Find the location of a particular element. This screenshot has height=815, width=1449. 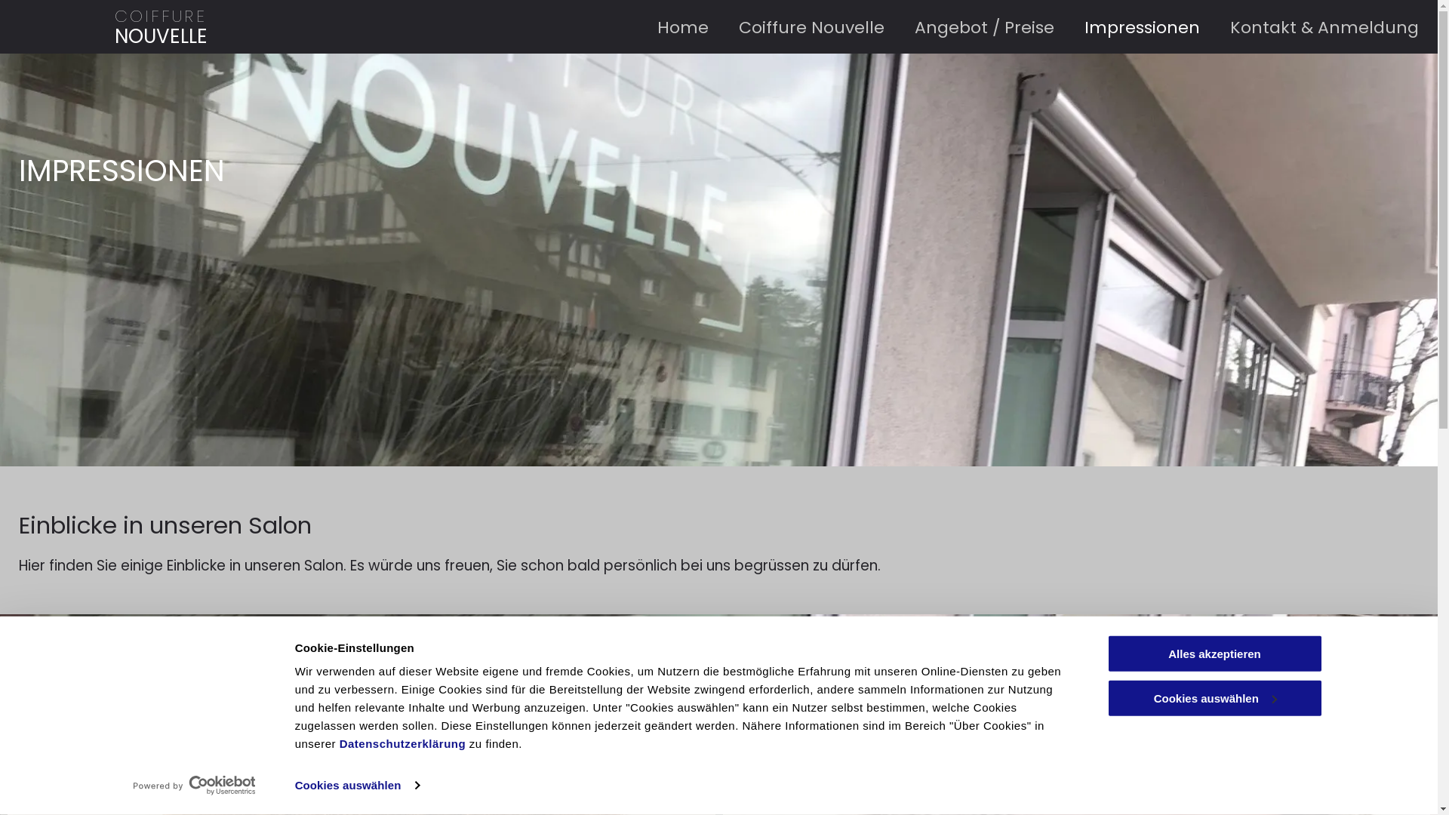

'Coiffure Nouvelle' is located at coordinates (795, 26).